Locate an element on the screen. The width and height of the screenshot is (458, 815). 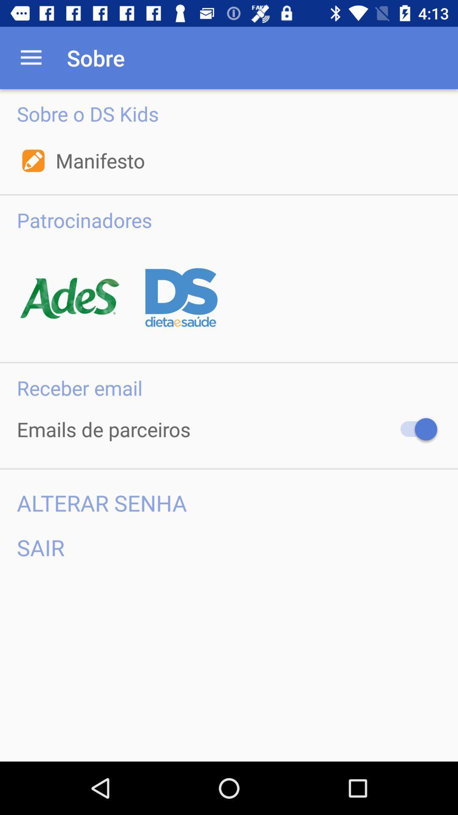
item to the right of the emails de parceiros is located at coordinates (414, 429).